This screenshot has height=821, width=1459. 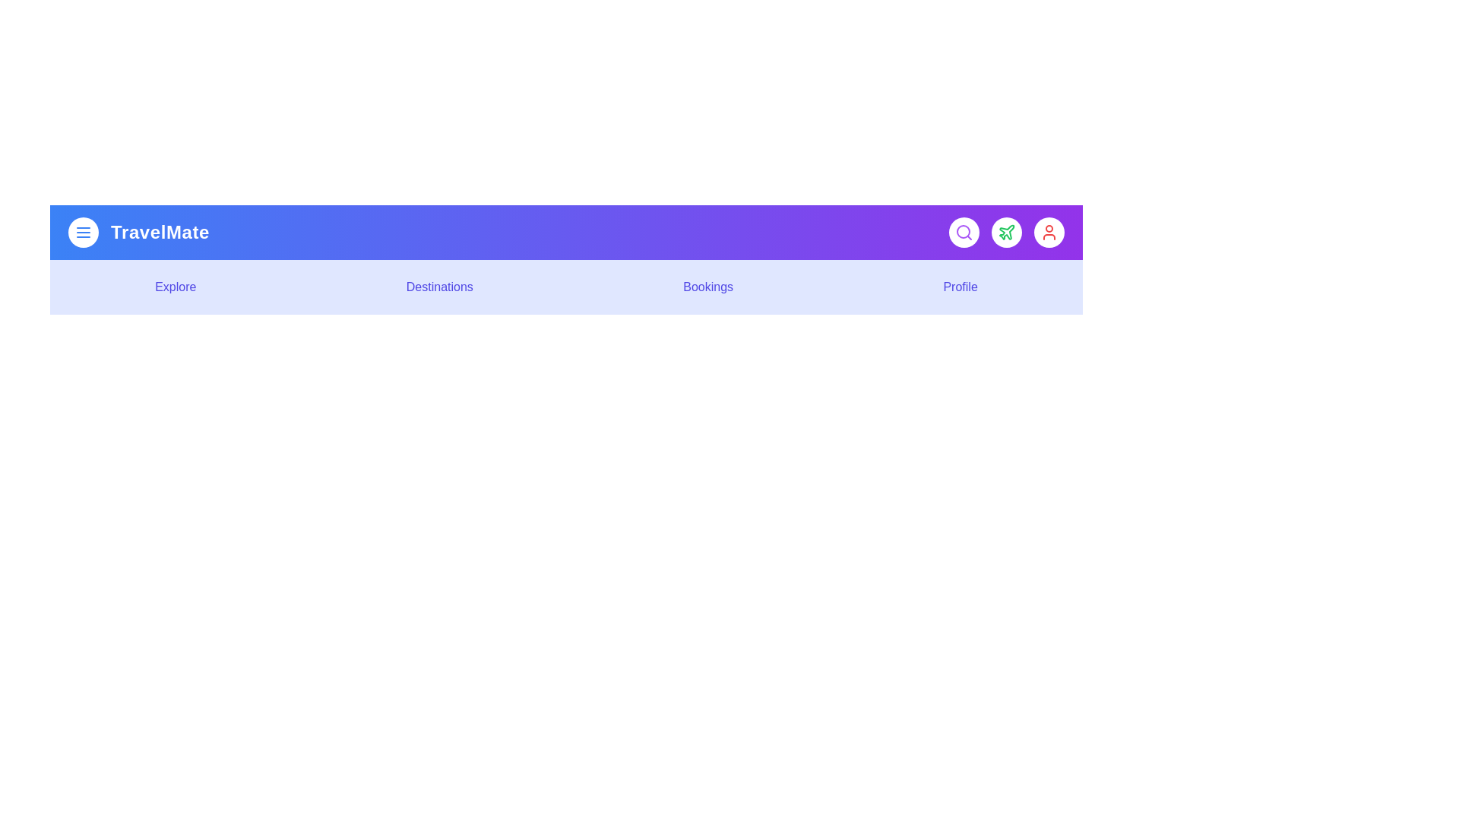 I want to click on the interactive element Search Button to observe visual feedback, so click(x=963, y=232).